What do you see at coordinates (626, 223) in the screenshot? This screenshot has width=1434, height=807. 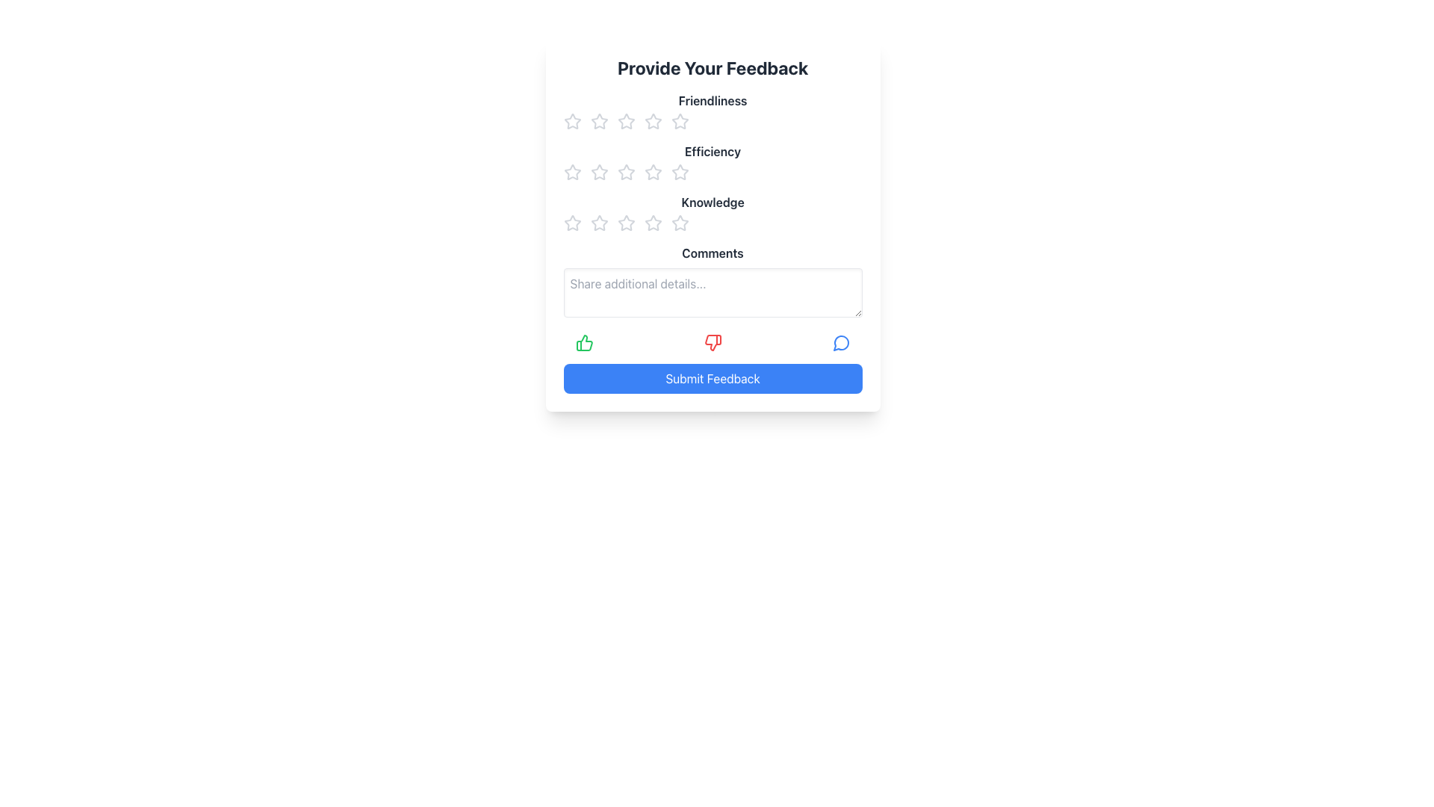 I see `across the third star icon from the left in the 'Knowledge' feedback rating section` at bounding box center [626, 223].